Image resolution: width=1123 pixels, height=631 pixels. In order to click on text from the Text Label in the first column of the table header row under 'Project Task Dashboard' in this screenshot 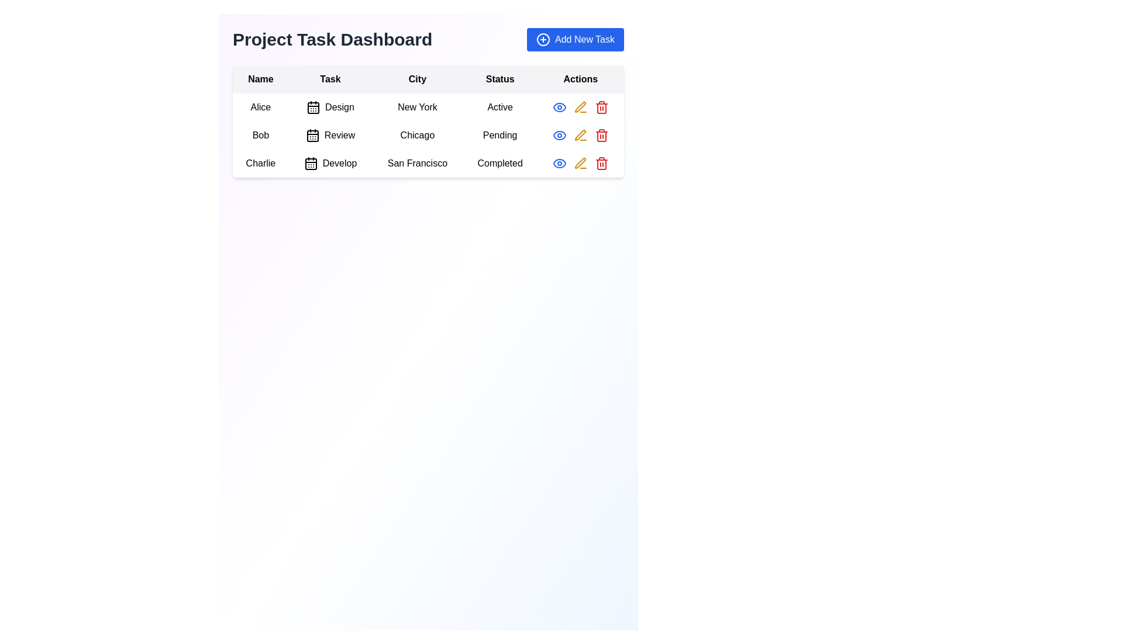, I will do `click(260, 79)`.